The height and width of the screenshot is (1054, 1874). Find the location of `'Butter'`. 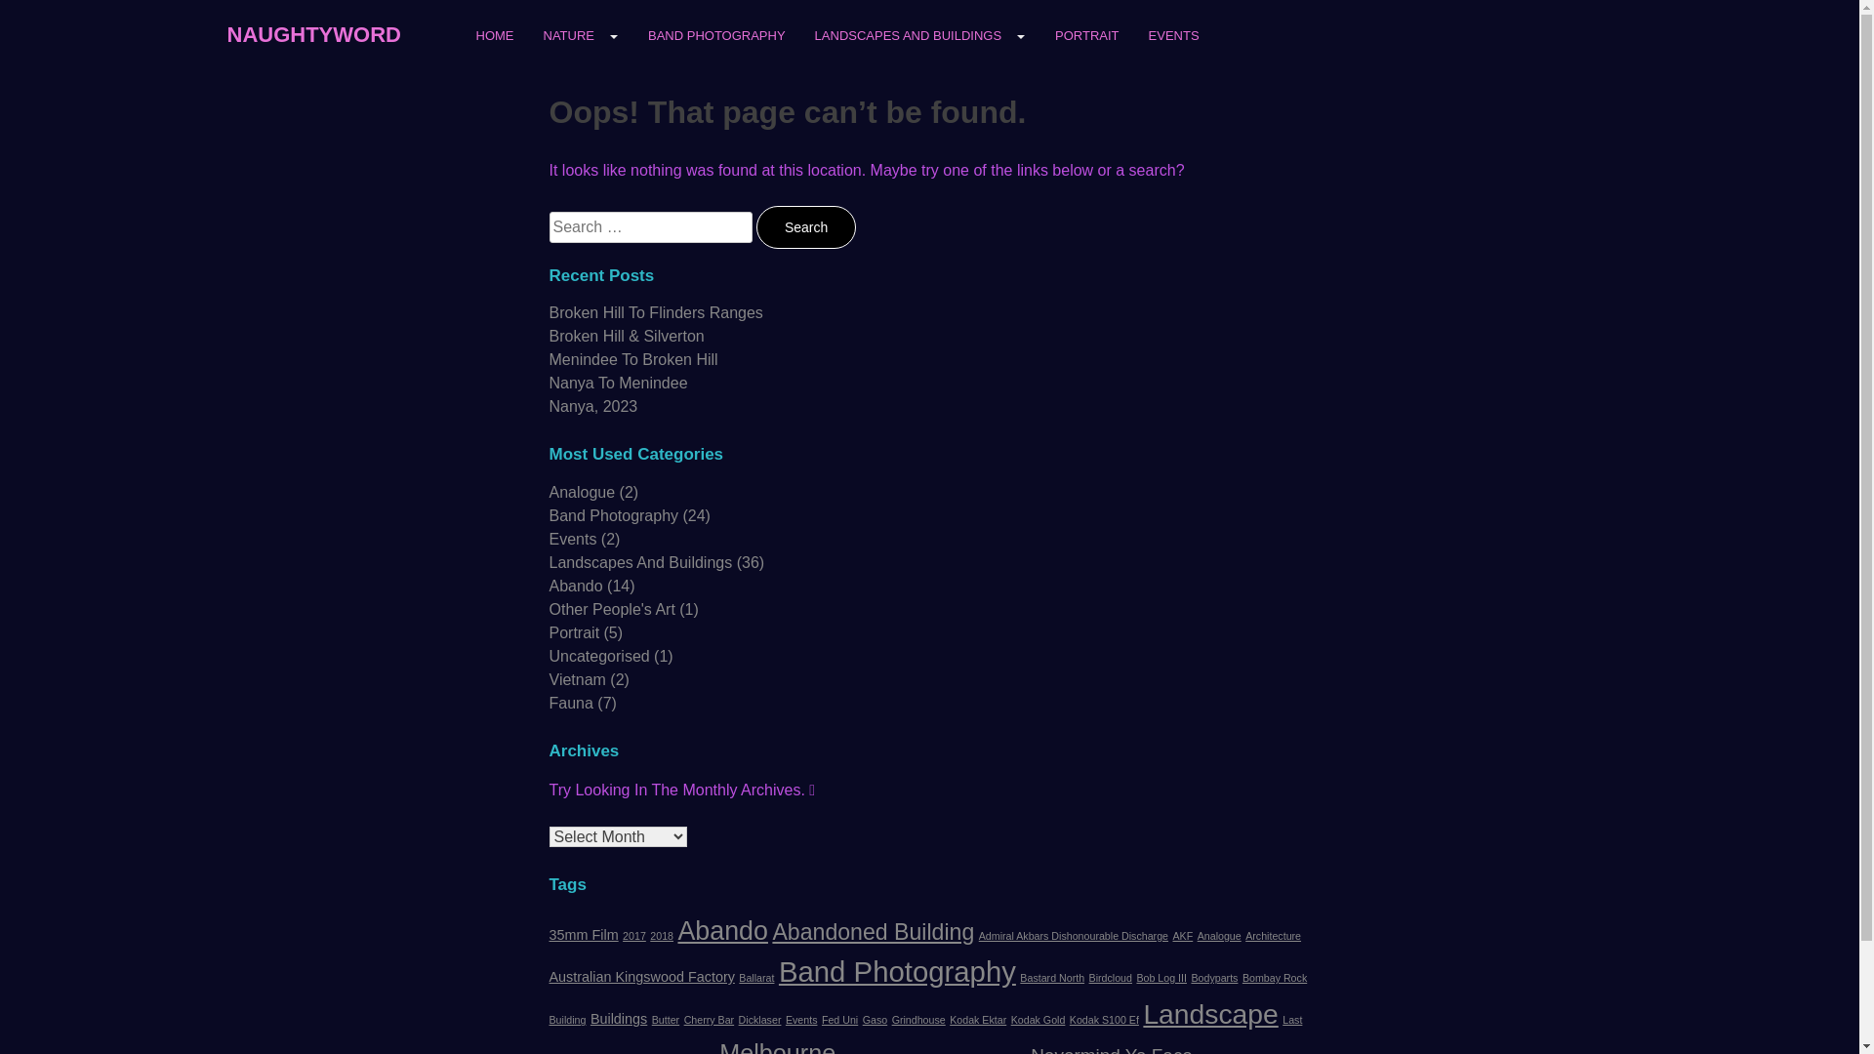

'Butter' is located at coordinates (665, 1019).